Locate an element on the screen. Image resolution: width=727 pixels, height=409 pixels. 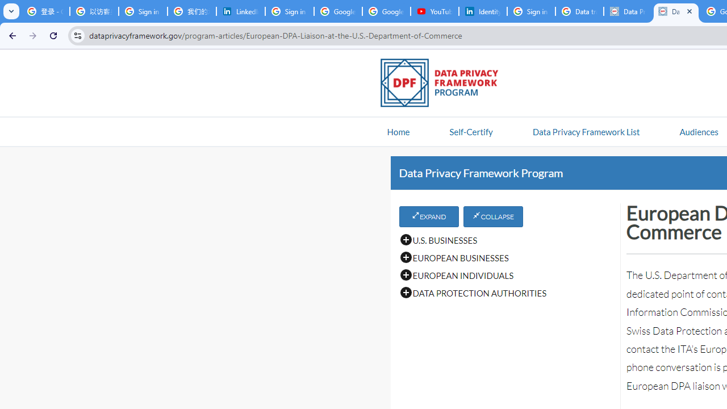
'COLLAPSE' is located at coordinates (494, 216).